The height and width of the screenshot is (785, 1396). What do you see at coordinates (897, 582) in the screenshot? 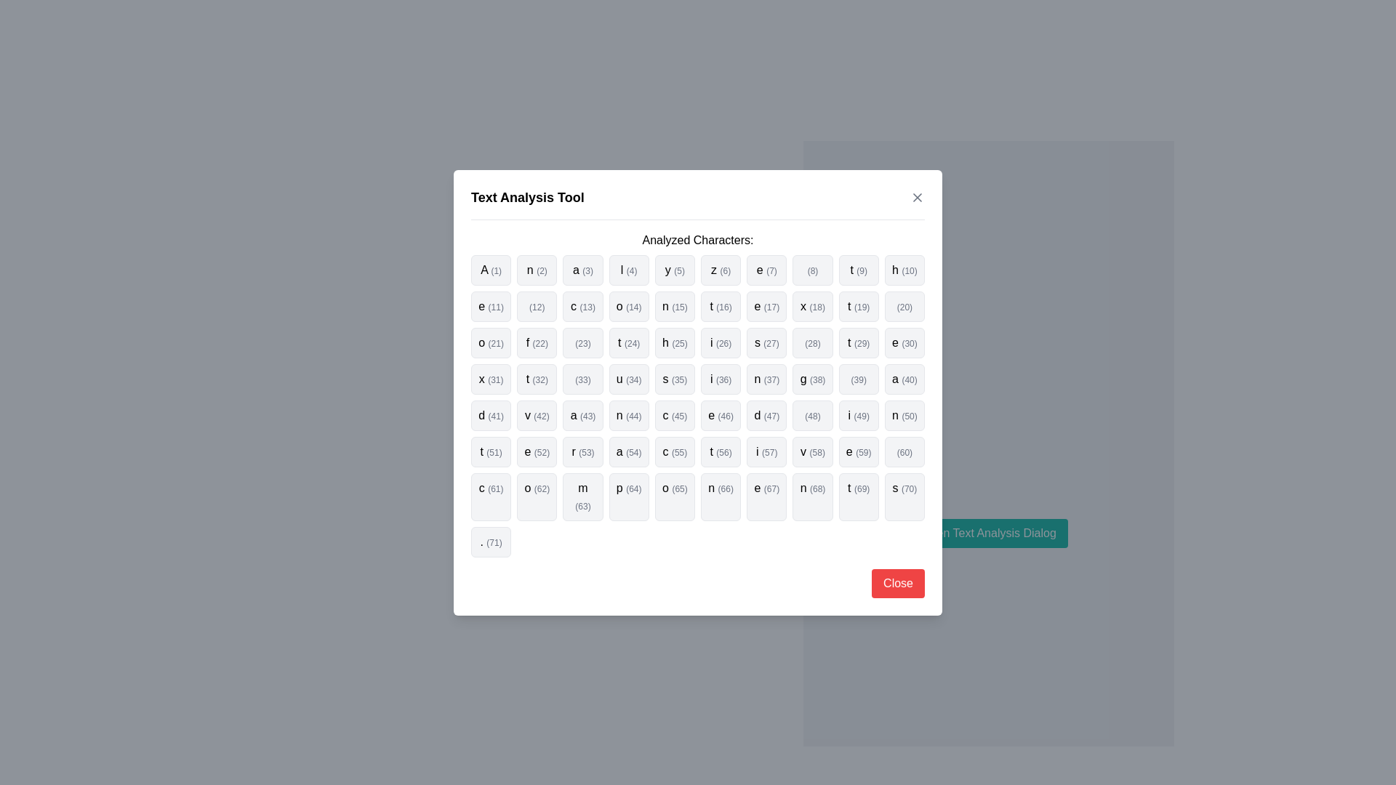
I see `the 'Close' button in the dialog to close the Text Analysis Dialog` at bounding box center [897, 582].